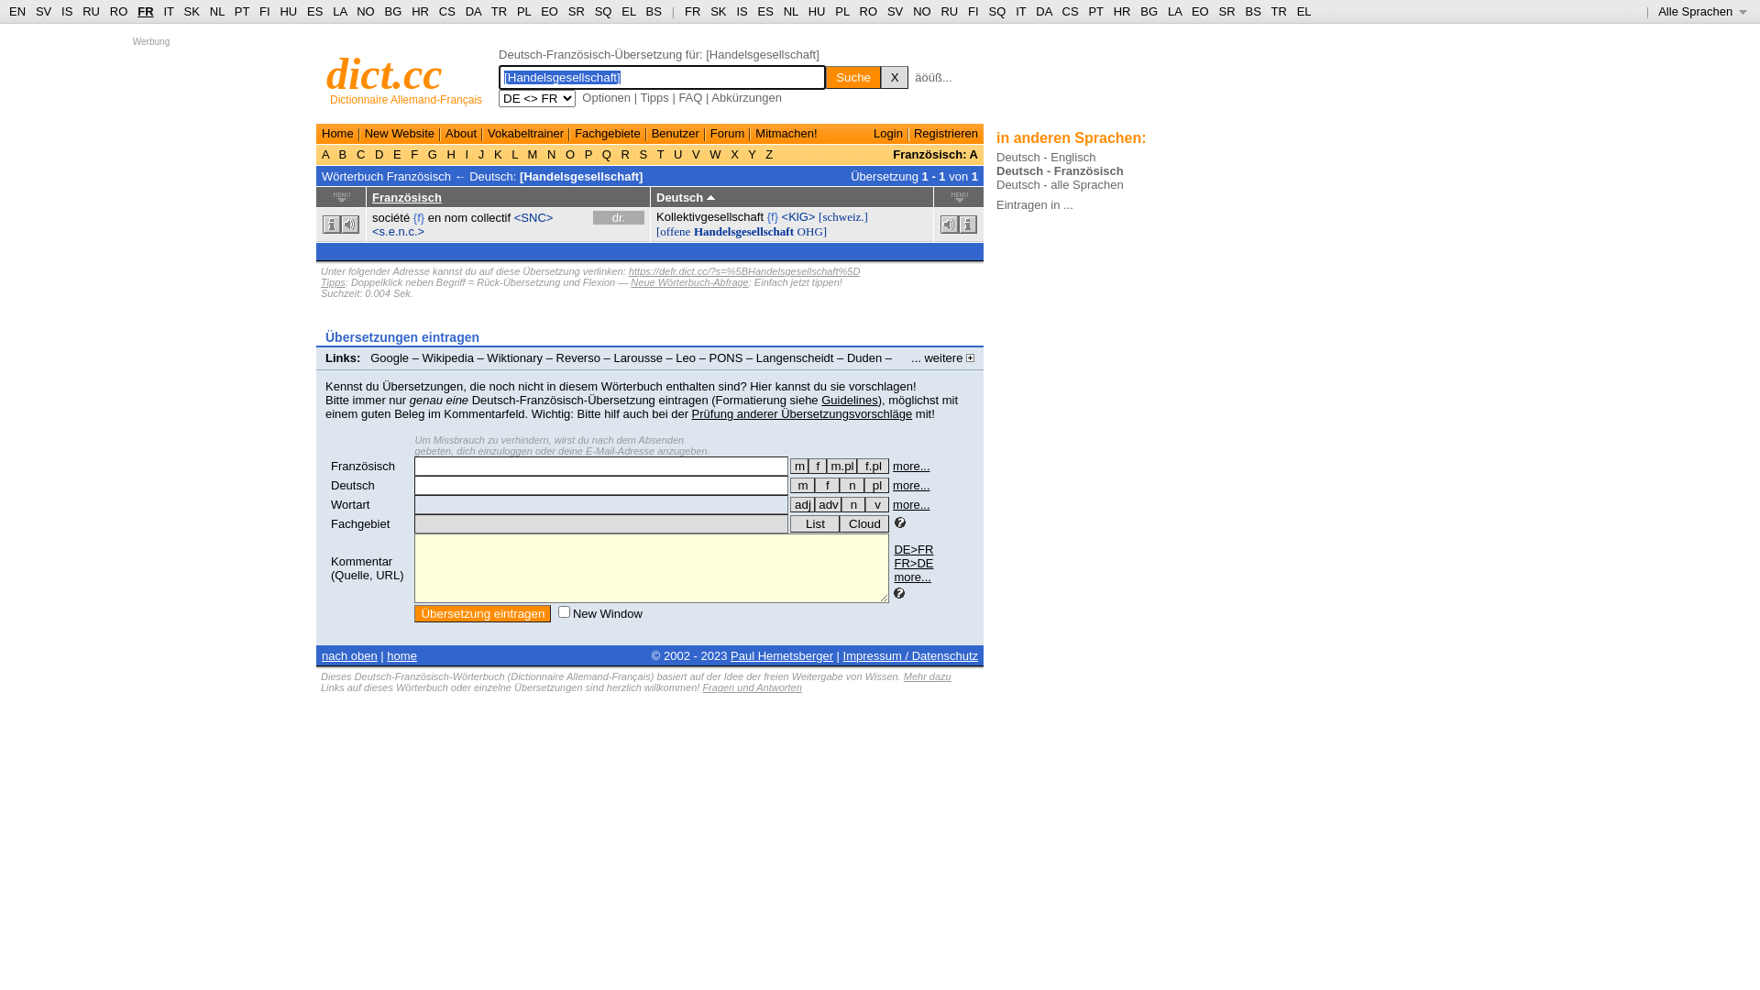 This screenshot has width=1760, height=990. I want to click on 'TR', so click(499, 11).